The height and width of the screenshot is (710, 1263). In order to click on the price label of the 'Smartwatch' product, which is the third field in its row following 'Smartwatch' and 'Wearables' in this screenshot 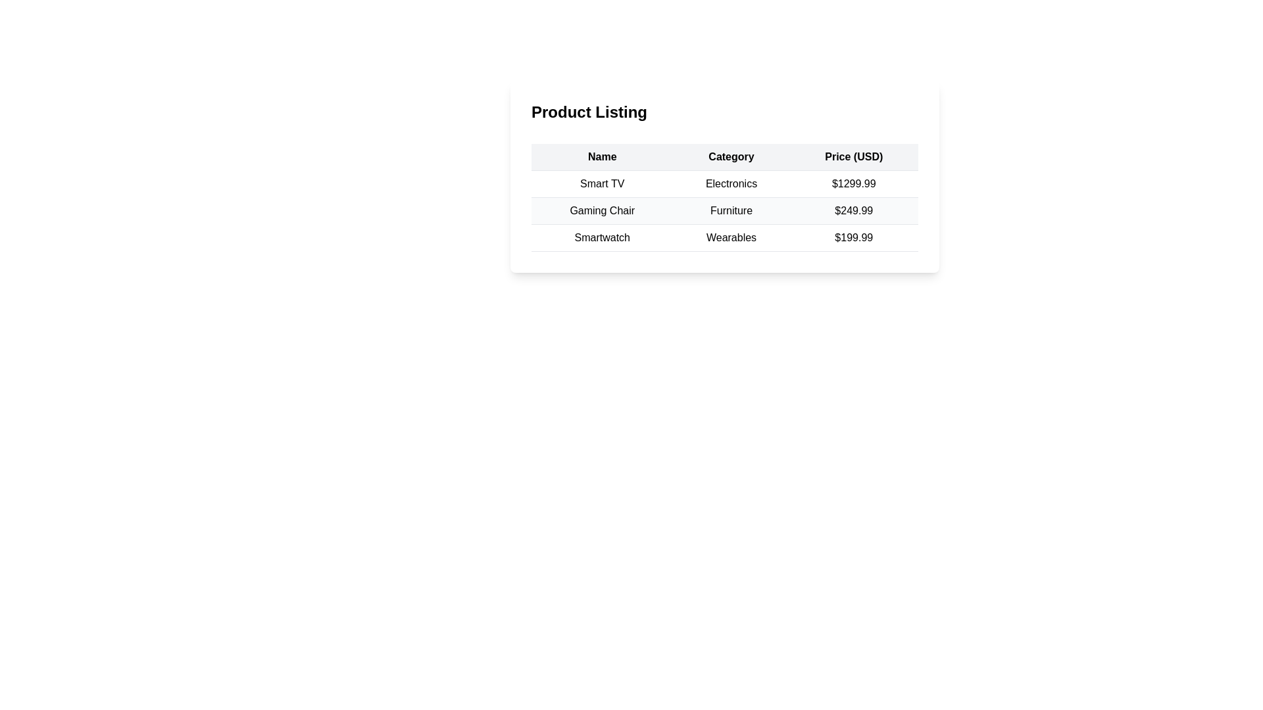, I will do `click(854, 238)`.